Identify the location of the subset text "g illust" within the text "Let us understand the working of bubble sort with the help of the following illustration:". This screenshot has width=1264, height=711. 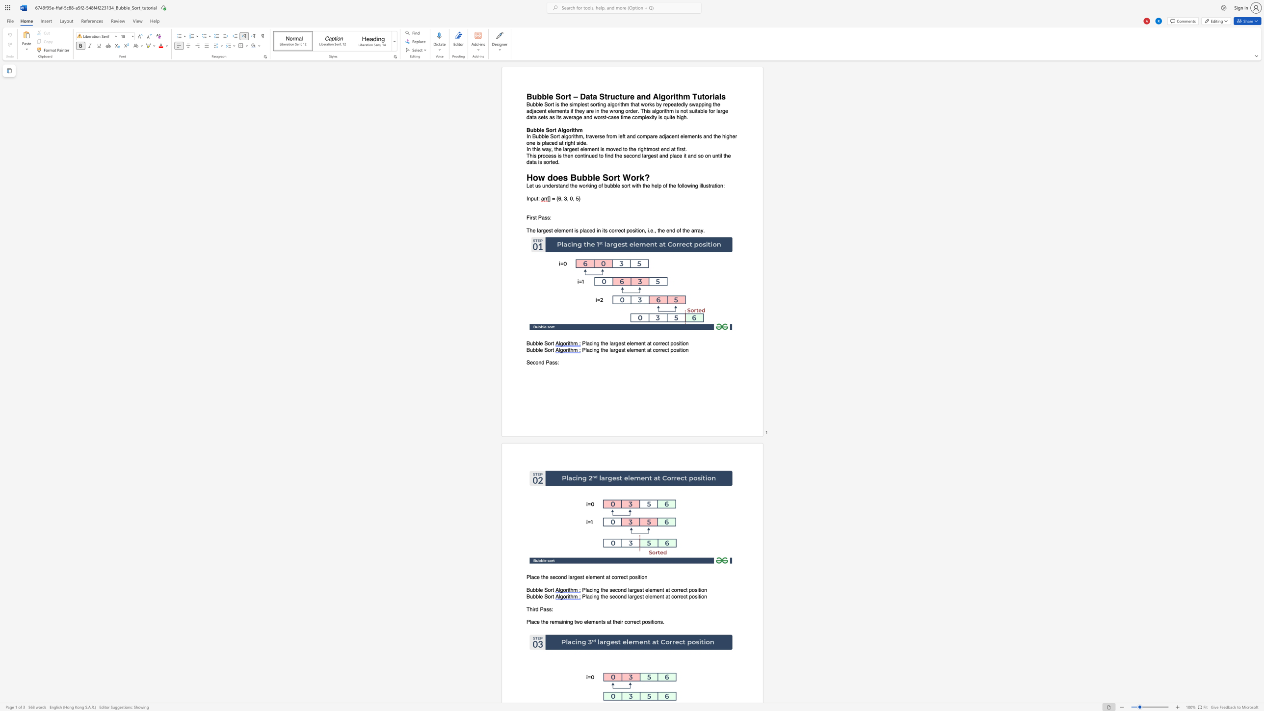
(695, 185).